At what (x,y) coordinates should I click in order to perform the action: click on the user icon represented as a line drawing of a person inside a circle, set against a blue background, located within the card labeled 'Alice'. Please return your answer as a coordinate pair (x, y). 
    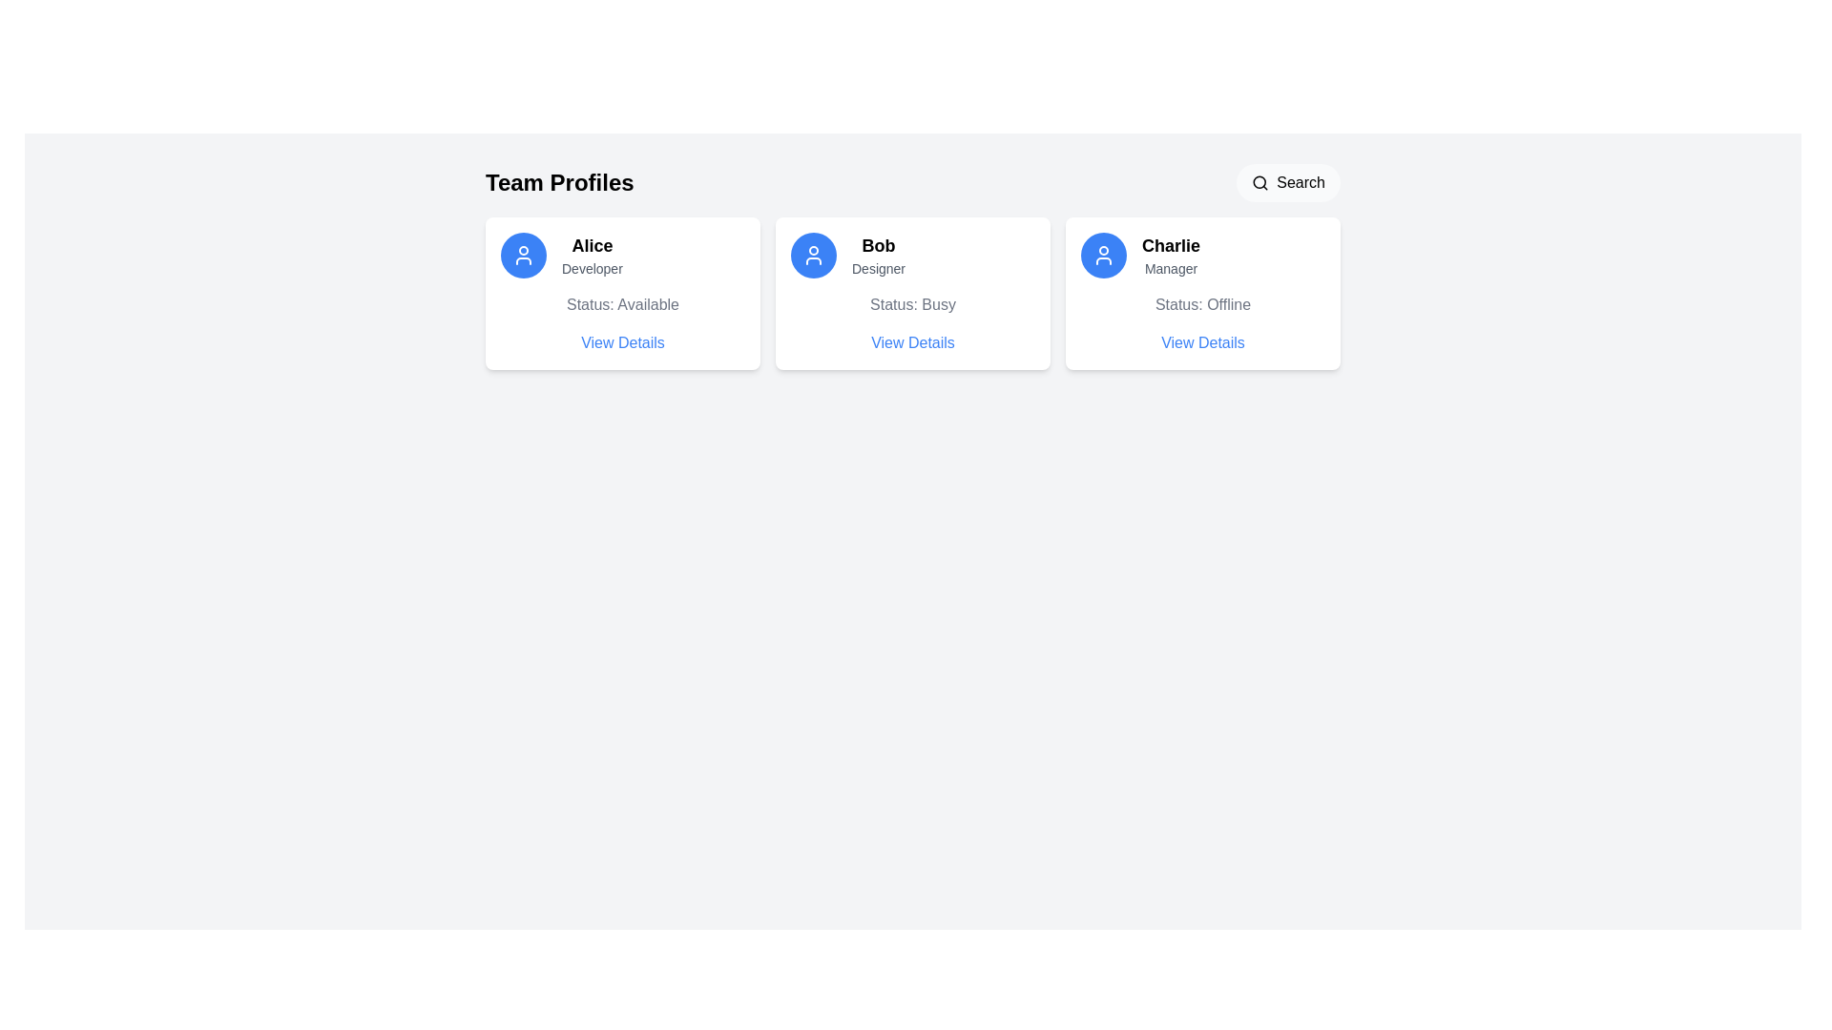
    Looking at the image, I should click on (523, 254).